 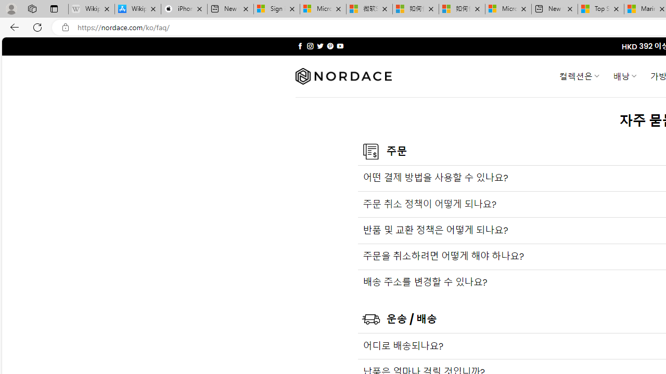 What do you see at coordinates (329, 46) in the screenshot?
I see `'Follow on Pinterest'` at bounding box center [329, 46].